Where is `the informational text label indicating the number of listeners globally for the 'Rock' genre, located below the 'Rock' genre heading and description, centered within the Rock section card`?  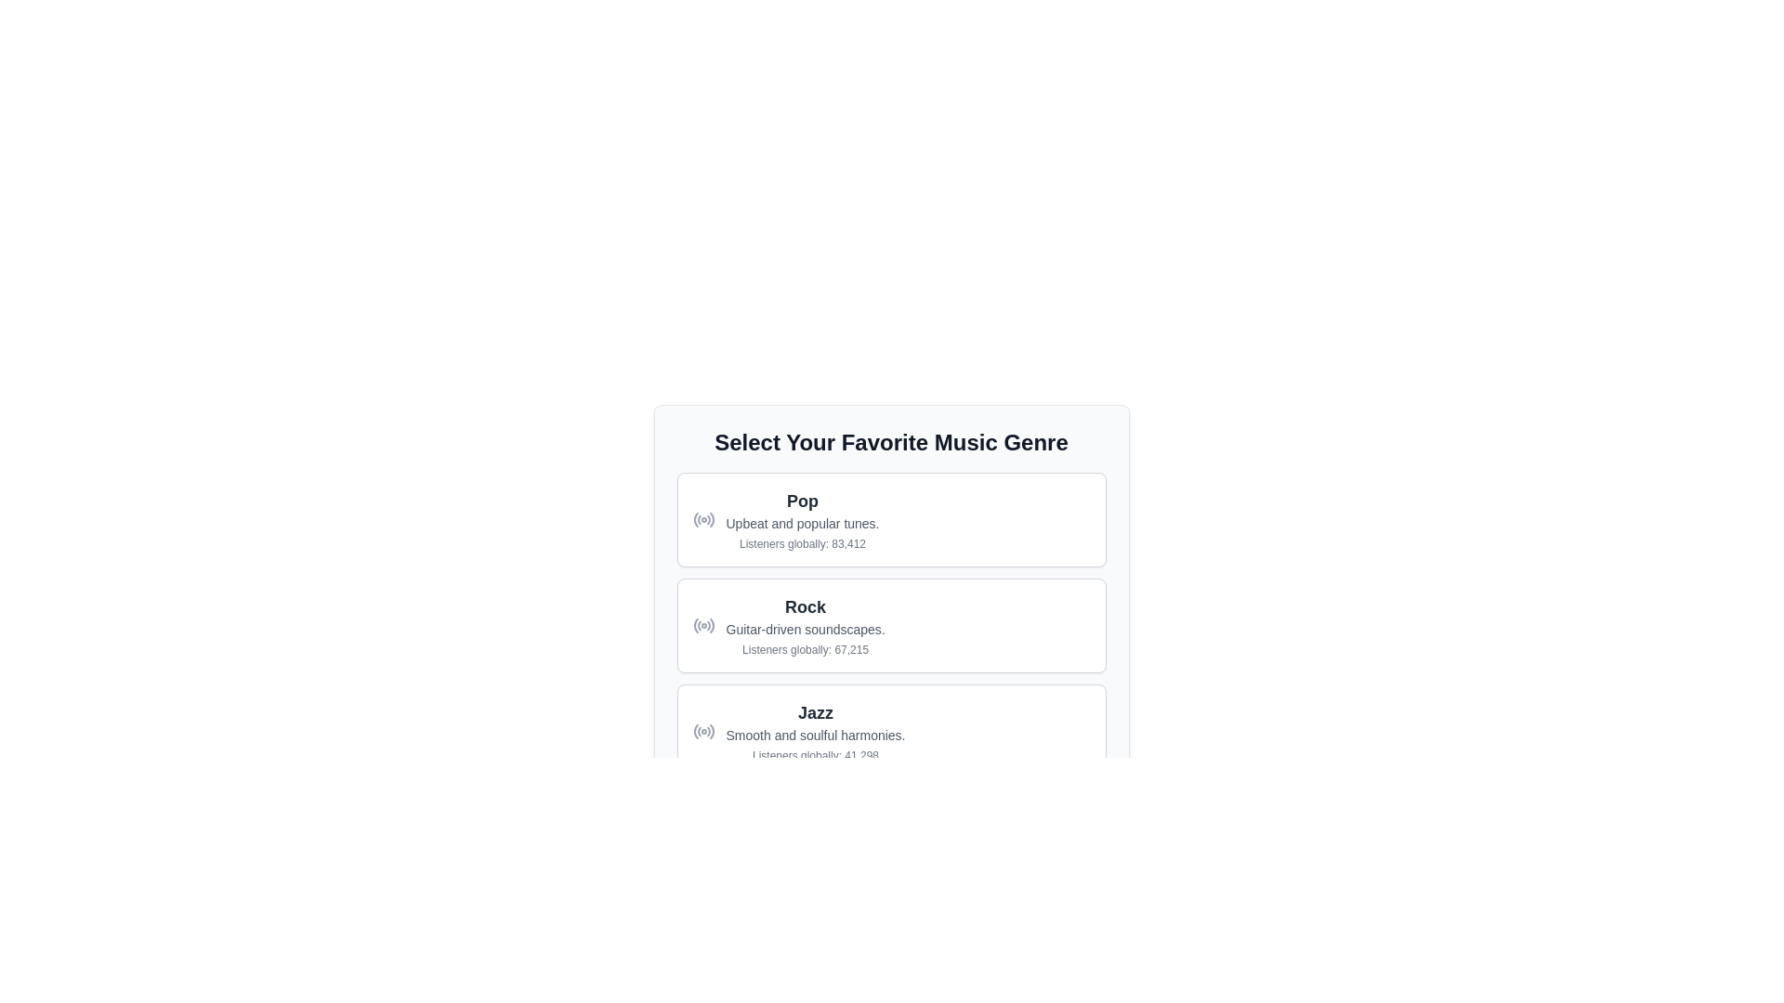
the informational text label indicating the number of listeners globally for the 'Rock' genre, located below the 'Rock' genre heading and description, centered within the Rock section card is located at coordinates (806, 648).